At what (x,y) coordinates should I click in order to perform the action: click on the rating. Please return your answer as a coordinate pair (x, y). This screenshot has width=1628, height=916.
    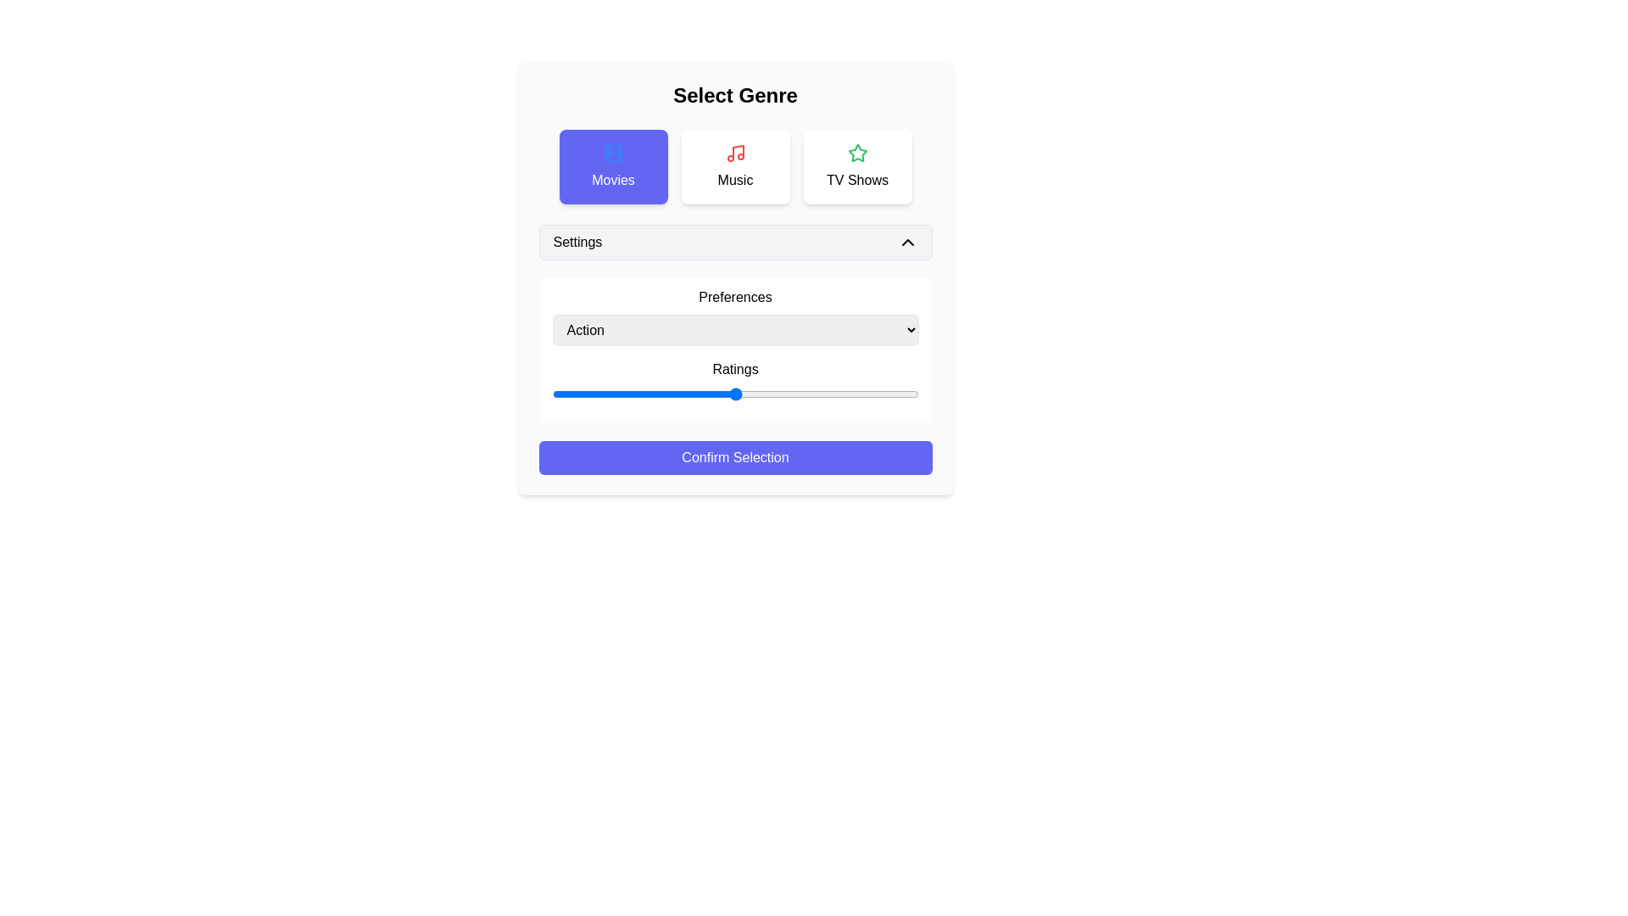
    Looking at the image, I should click on (643, 394).